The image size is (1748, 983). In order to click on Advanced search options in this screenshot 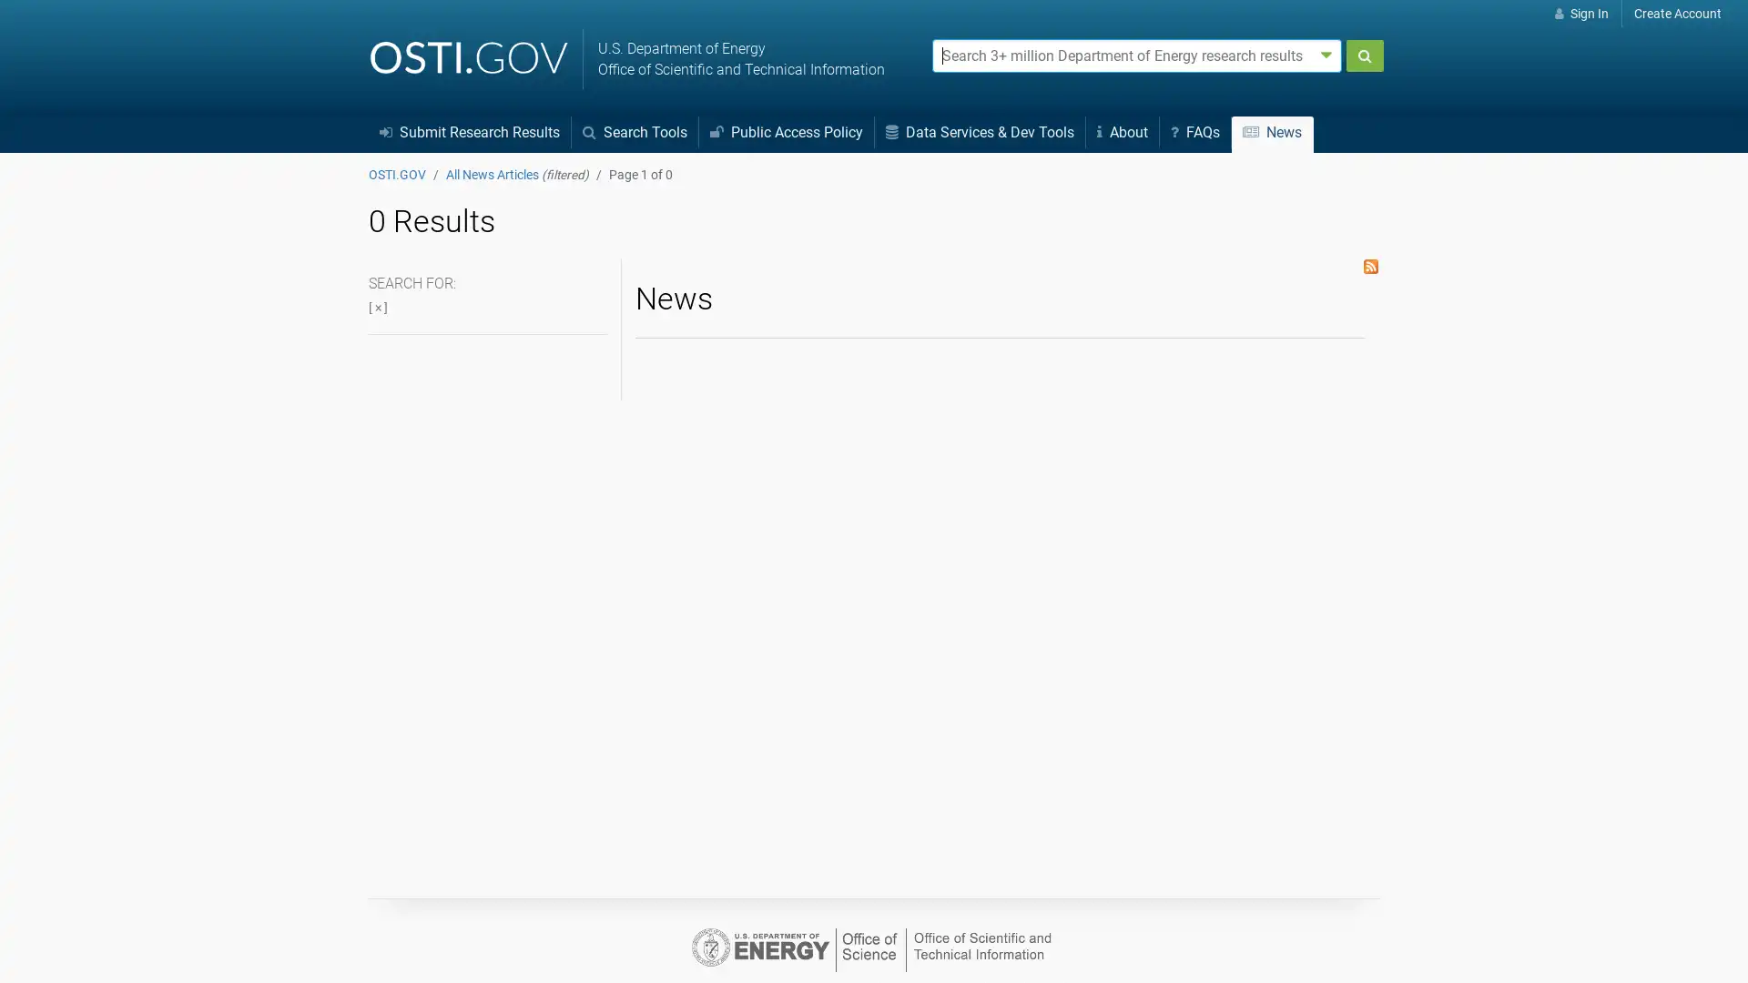, I will do `click(1326, 54)`.